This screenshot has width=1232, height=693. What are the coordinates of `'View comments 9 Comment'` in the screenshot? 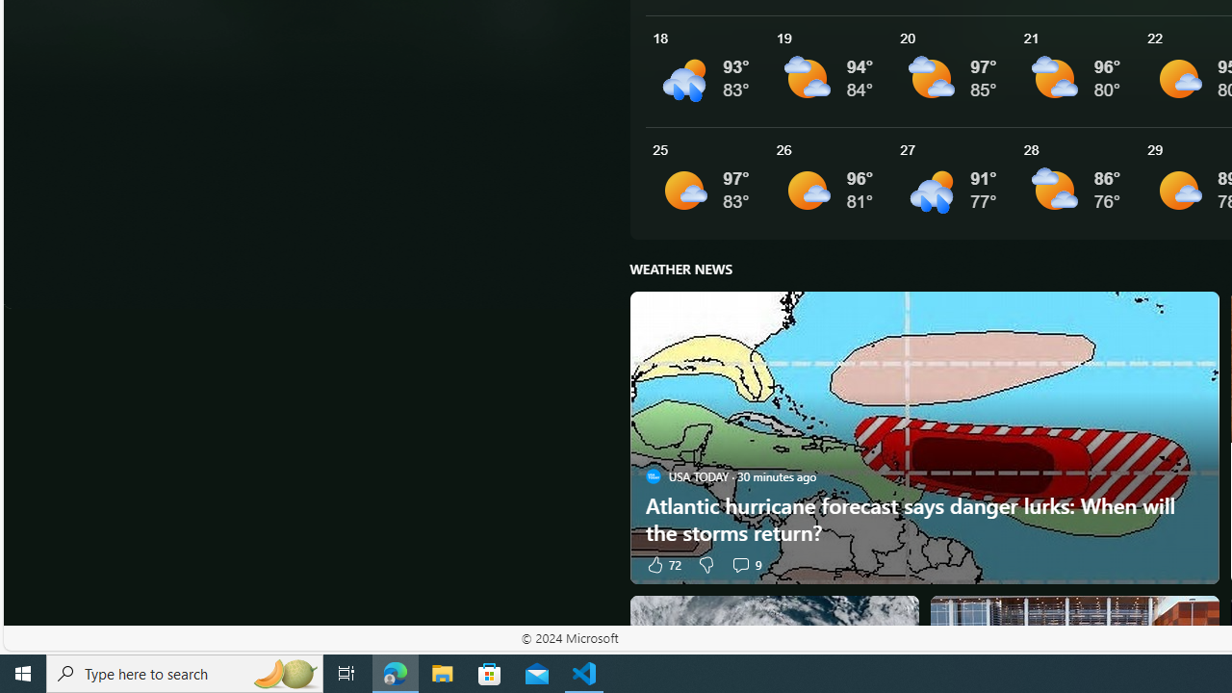 It's located at (739, 563).